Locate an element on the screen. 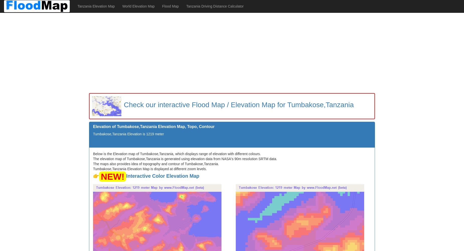 The width and height of the screenshot is (464, 251). 'Interactive Color Elevation Map' is located at coordinates (163, 176).